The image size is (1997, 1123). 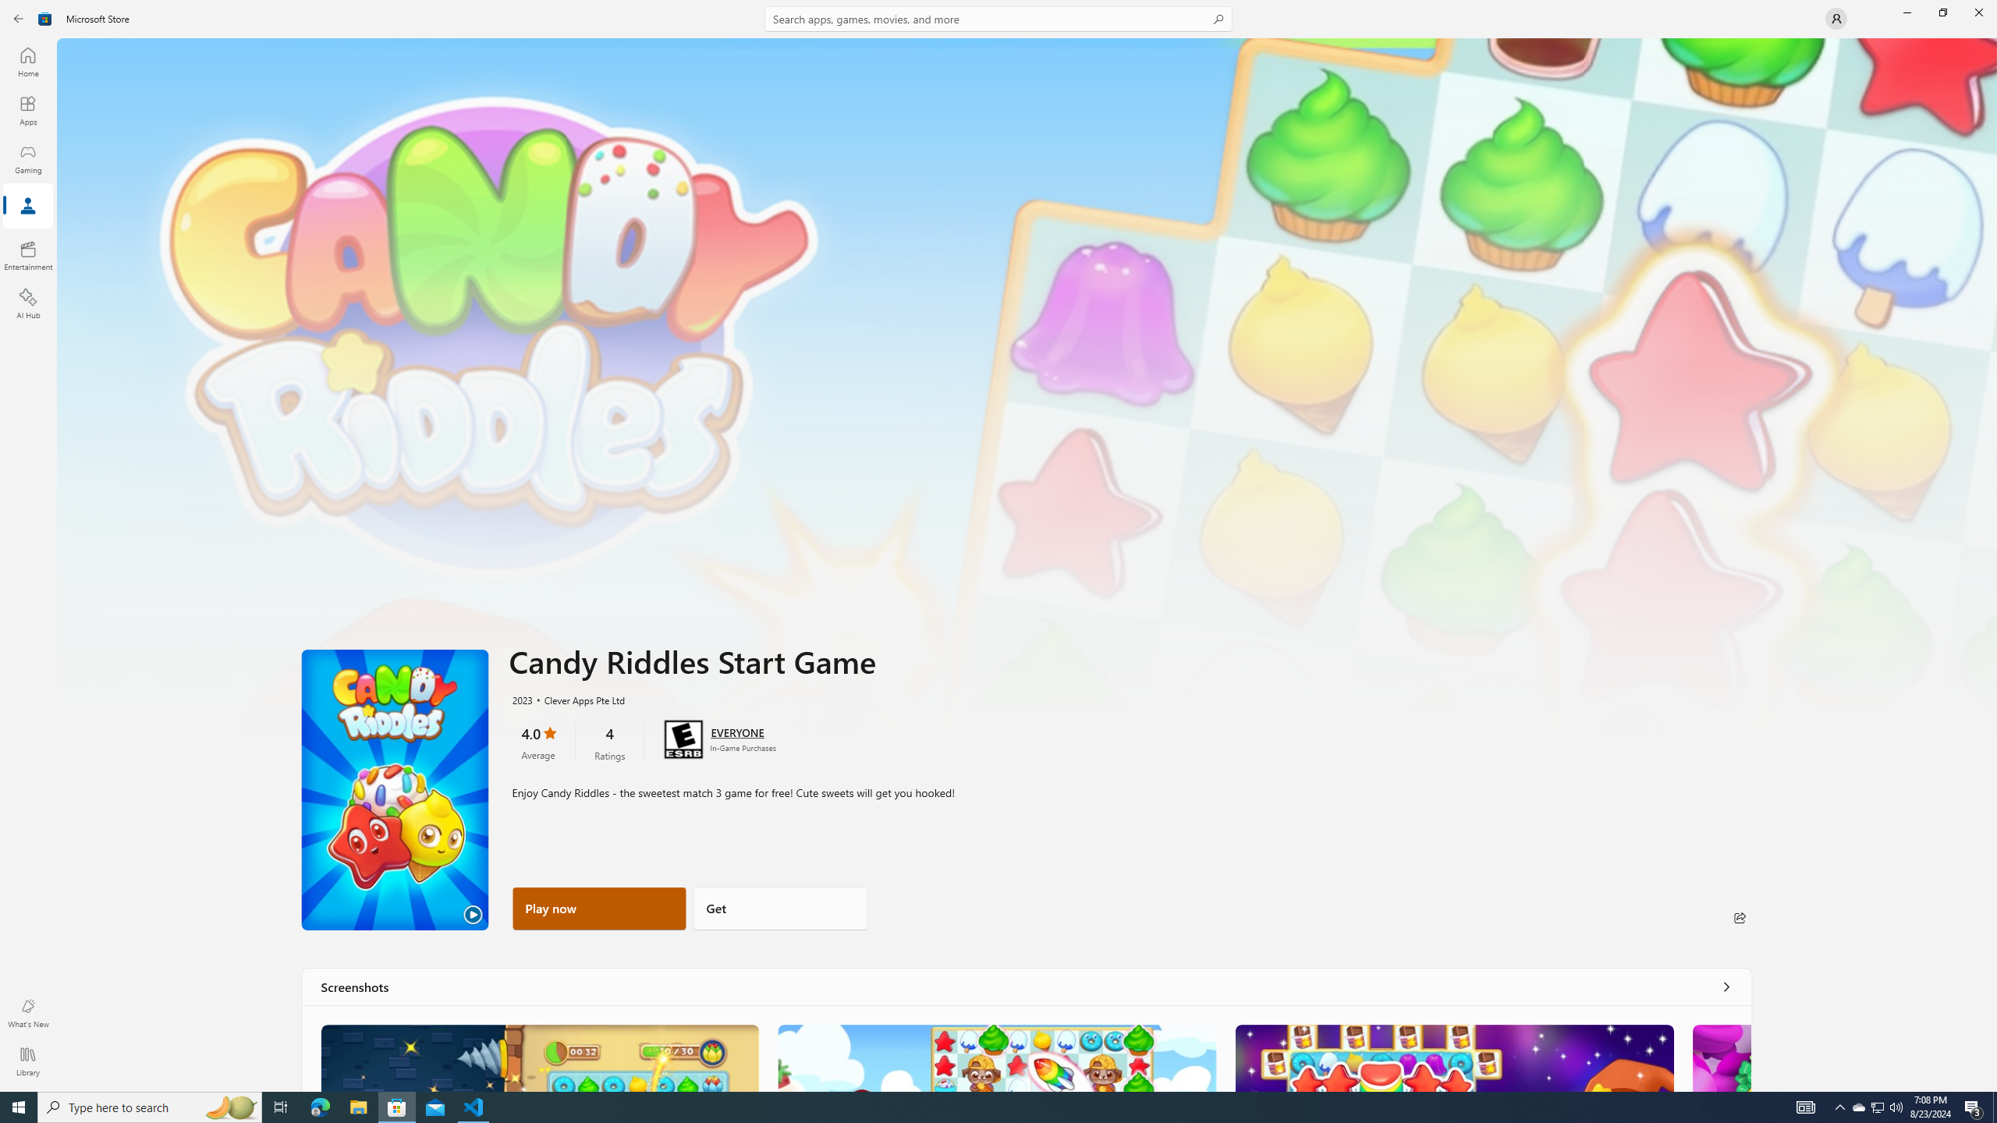 I want to click on 'Clever Apps Pte Ltd', so click(x=576, y=699).